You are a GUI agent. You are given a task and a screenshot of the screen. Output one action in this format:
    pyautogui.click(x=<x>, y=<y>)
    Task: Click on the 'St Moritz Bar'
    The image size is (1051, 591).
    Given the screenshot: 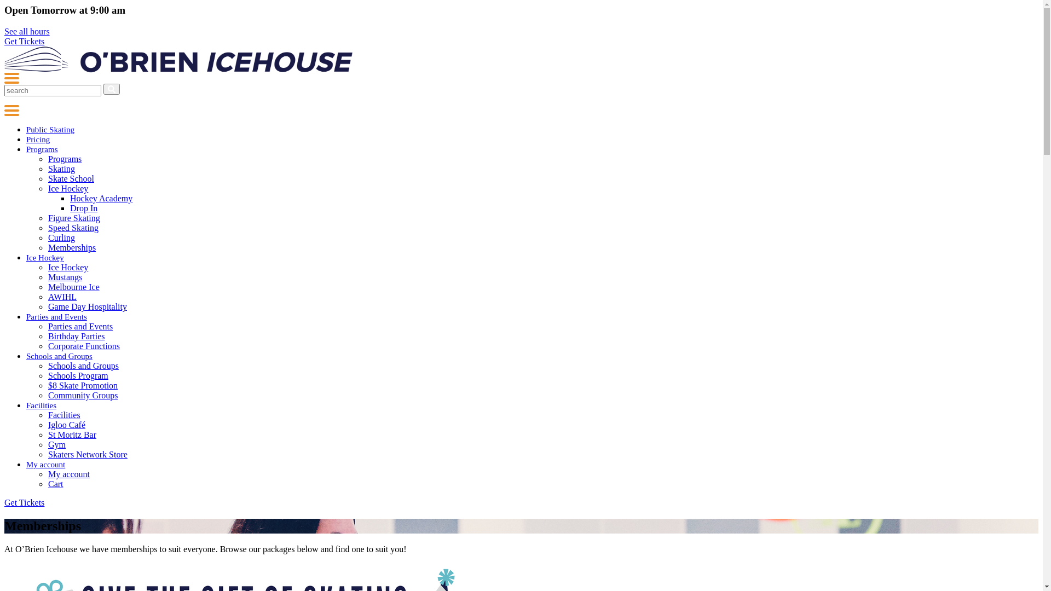 What is the action you would take?
    pyautogui.click(x=47, y=434)
    